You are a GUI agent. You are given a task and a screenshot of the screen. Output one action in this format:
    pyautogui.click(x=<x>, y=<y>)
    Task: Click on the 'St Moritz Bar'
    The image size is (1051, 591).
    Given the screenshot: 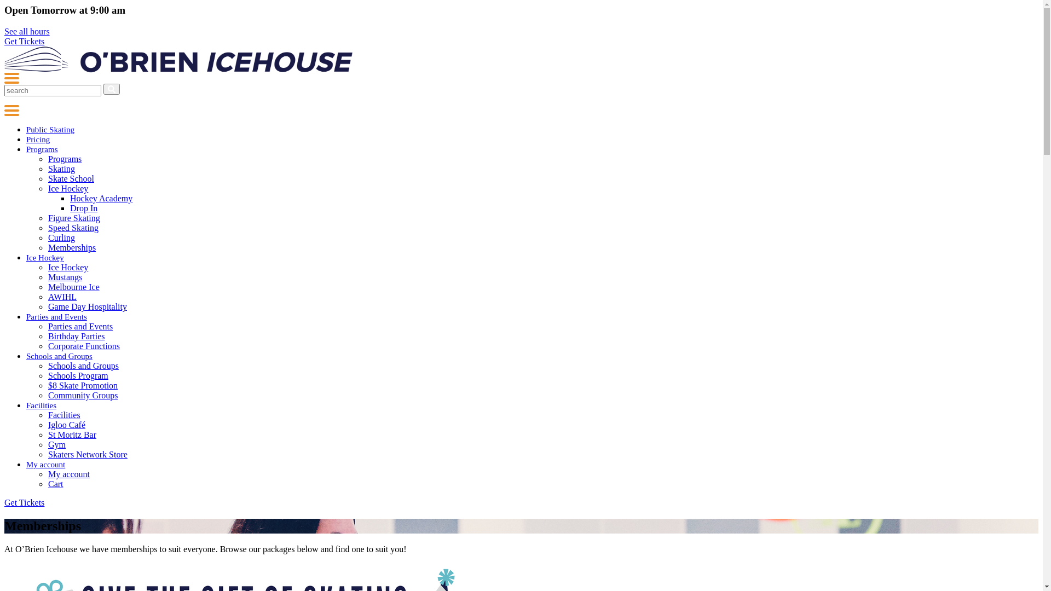 What is the action you would take?
    pyautogui.click(x=47, y=434)
    